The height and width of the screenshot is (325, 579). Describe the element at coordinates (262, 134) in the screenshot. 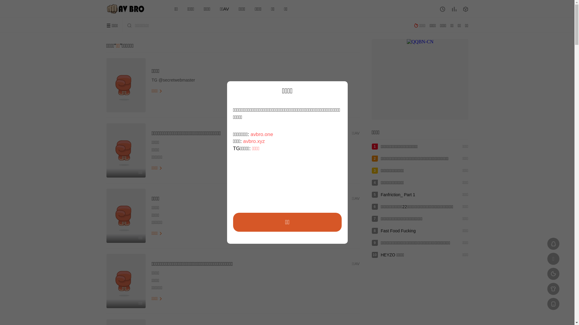

I see `'avbro.one'` at that location.